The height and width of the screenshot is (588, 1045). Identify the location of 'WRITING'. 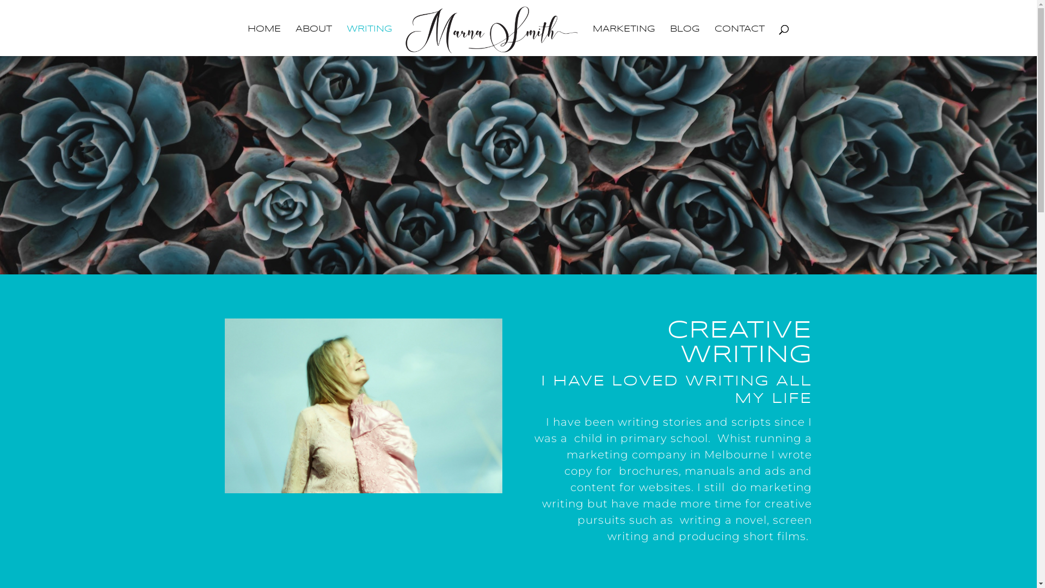
(369, 40).